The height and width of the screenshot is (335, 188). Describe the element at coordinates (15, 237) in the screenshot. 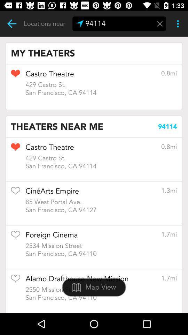

I see `like button` at that location.